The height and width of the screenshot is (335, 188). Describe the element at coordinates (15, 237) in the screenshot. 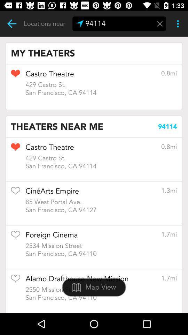

I see `like button` at that location.